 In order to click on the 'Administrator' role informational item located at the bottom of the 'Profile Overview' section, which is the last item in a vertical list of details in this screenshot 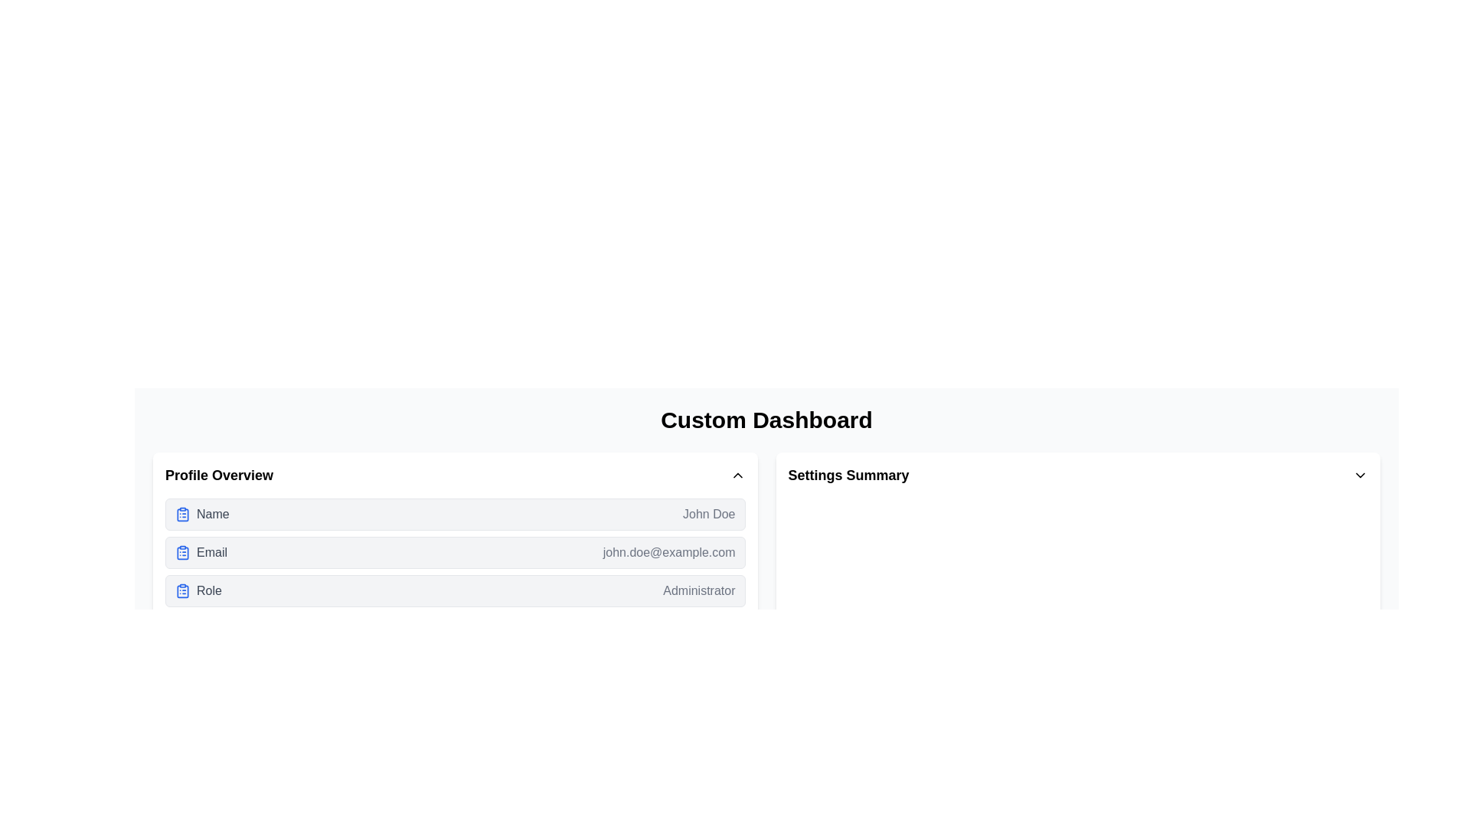, I will do `click(454, 590)`.